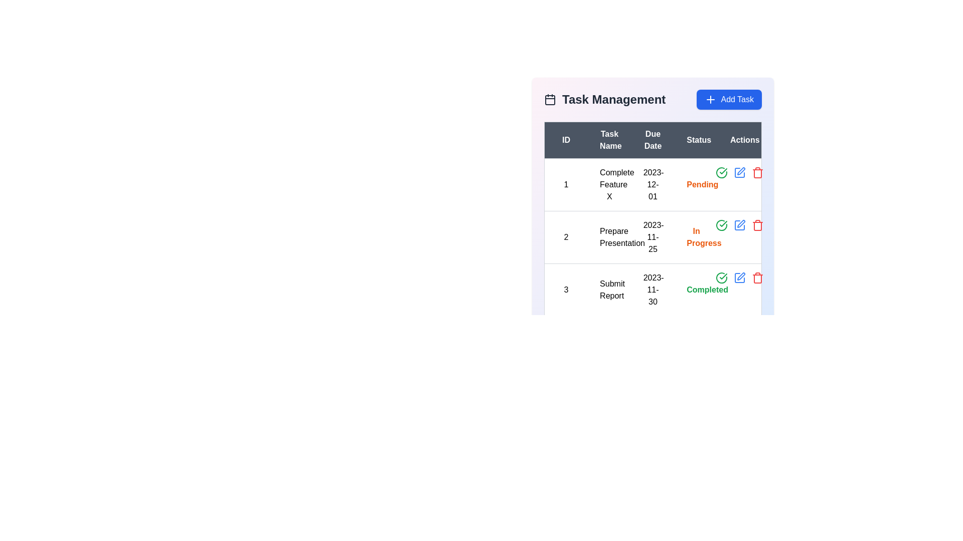  I want to click on the table header row element with a gray background and white text, which contains the labels ID, Task Name, Due Date, Status, and Actions, positioned above the task table in the main content area, so click(653, 140).